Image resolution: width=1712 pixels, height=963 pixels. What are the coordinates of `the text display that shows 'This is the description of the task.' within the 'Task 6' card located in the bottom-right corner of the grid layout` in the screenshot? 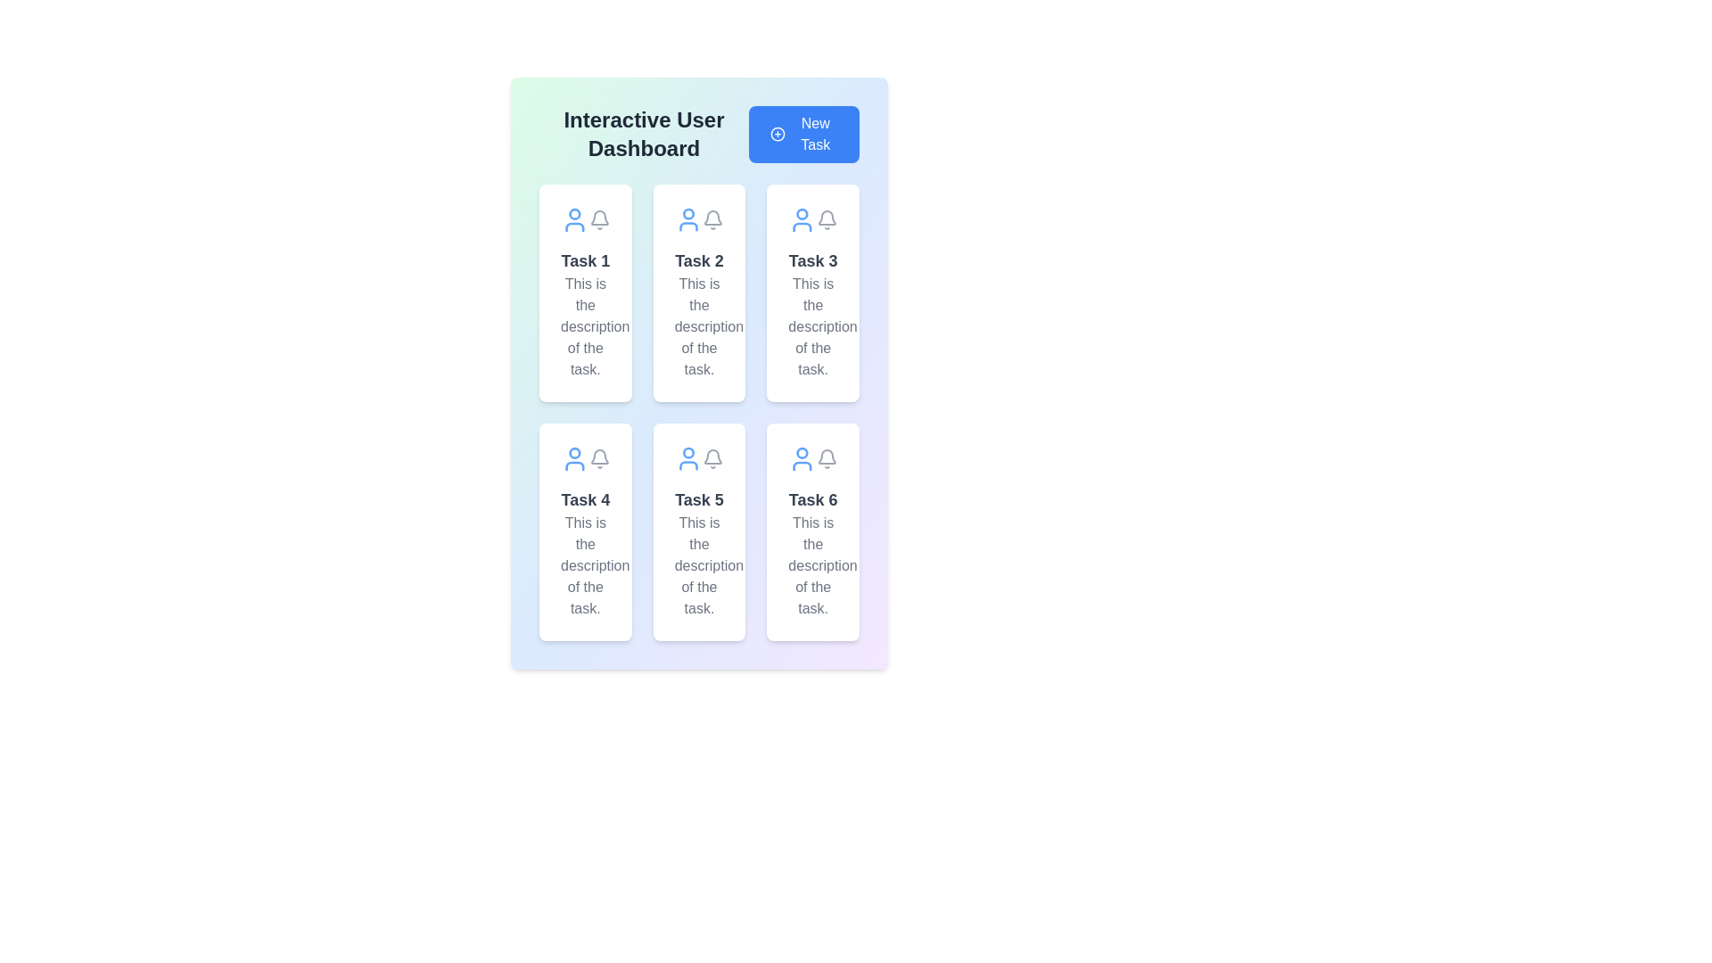 It's located at (812, 566).